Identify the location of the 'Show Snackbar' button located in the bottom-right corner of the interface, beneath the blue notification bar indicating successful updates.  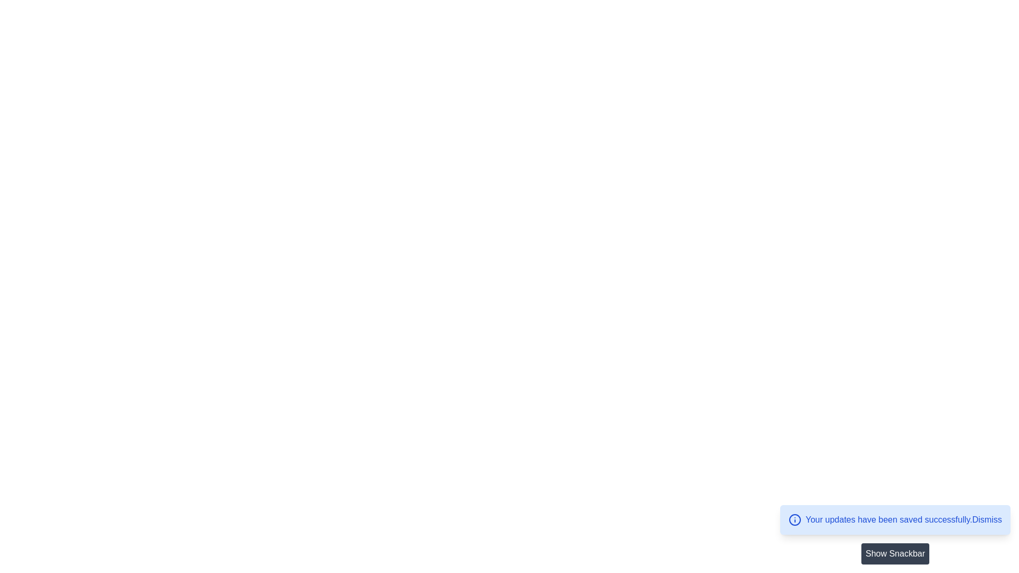
(895, 534).